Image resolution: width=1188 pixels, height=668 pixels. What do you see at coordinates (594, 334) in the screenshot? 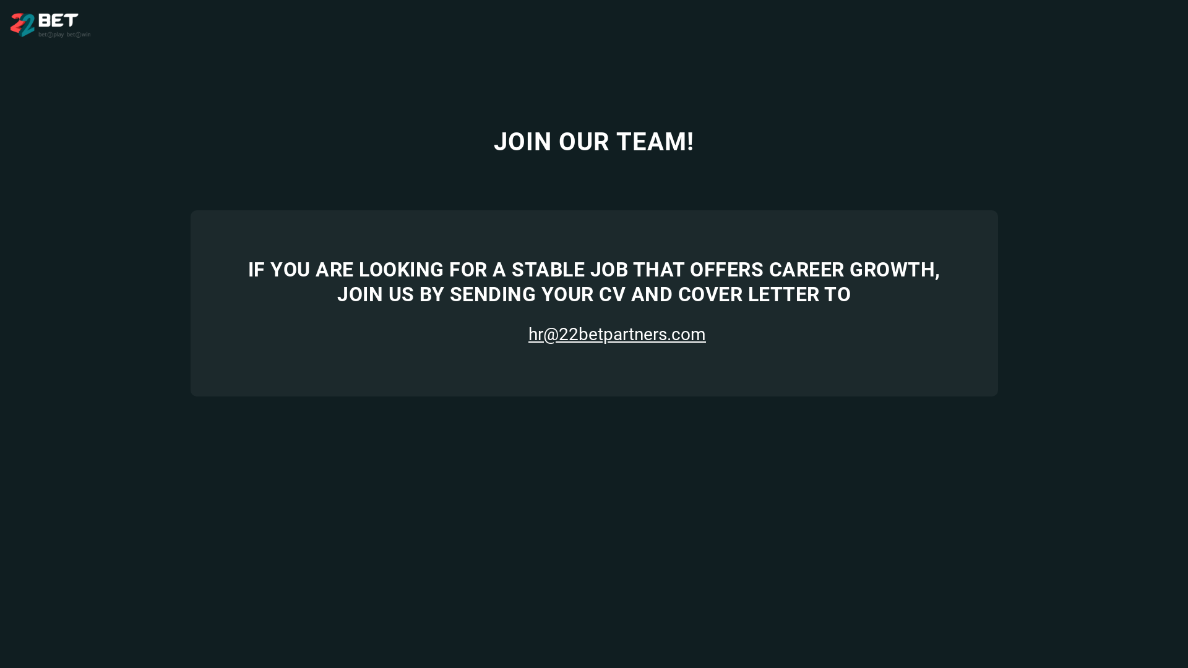
I see `'hr@22betpartners.com'` at bounding box center [594, 334].